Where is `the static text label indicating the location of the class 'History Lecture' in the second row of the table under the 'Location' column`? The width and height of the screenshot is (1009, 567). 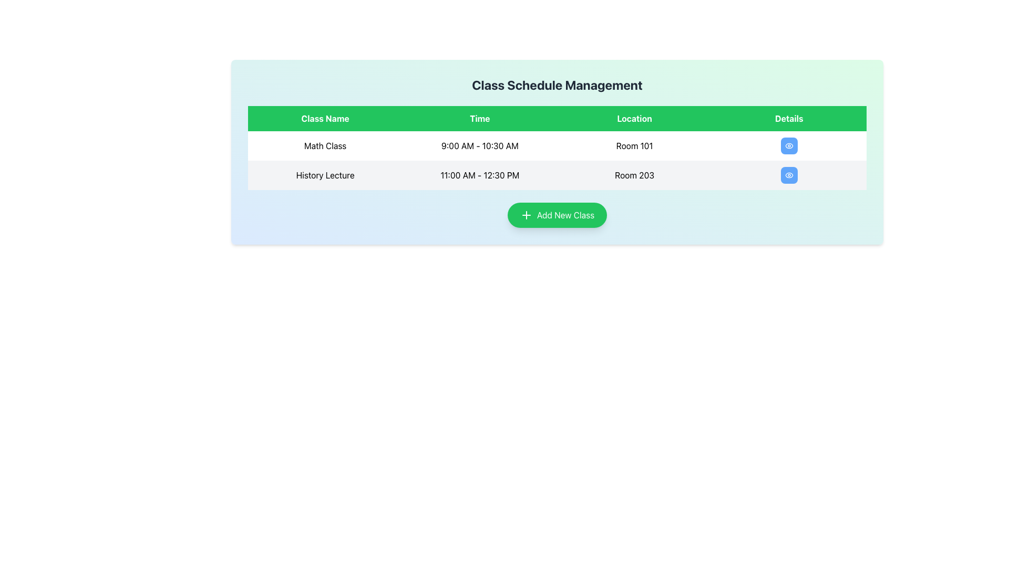 the static text label indicating the location of the class 'History Lecture' in the second row of the table under the 'Location' column is located at coordinates (634, 175).